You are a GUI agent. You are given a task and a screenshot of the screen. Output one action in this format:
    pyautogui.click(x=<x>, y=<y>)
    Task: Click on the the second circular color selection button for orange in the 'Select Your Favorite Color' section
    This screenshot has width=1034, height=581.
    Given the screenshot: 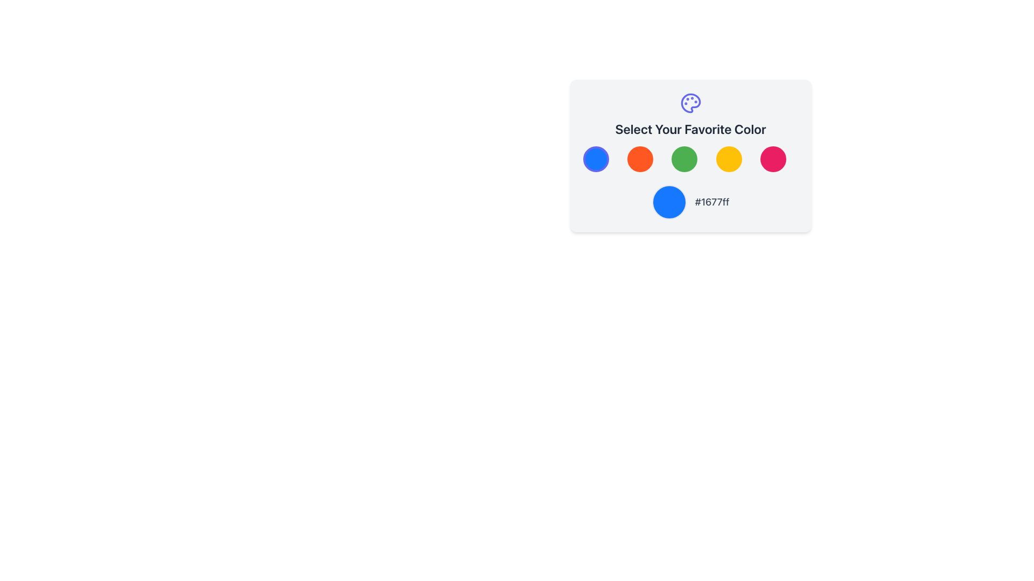 What is the action you would take?
    pyautogui.click(x=640, y=159)
    